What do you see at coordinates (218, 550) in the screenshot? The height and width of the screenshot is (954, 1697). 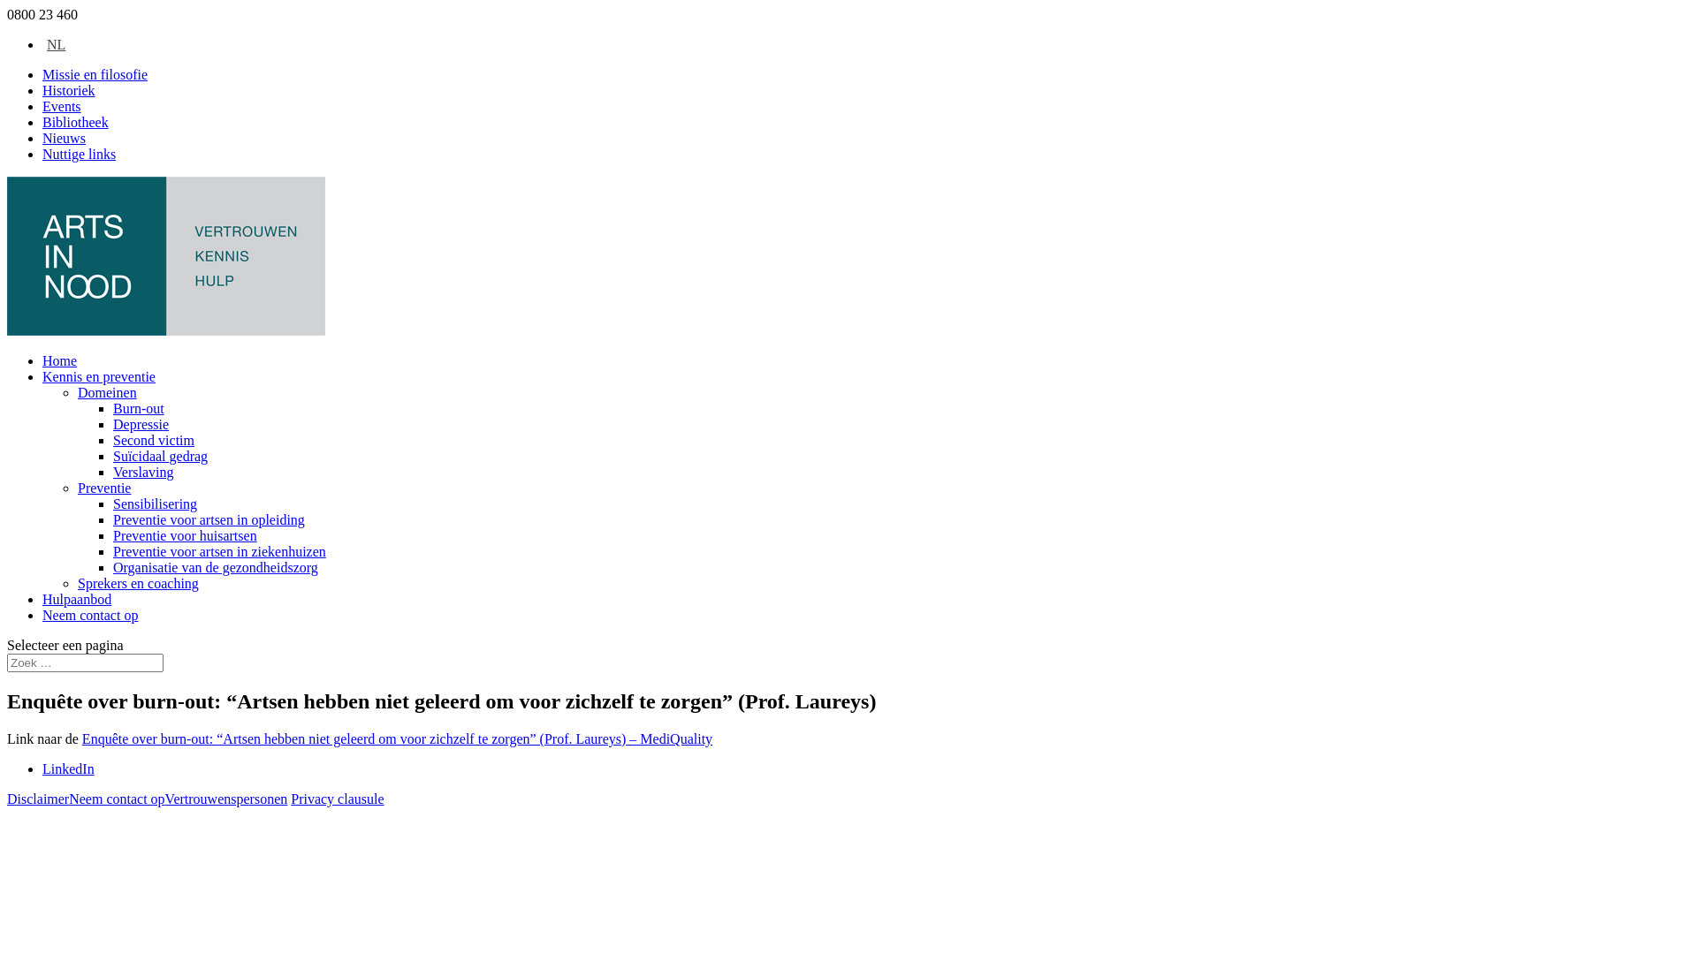 I see `'Preventie voor artsen in ziekenhuizen'` at bounding box center [218, 550].